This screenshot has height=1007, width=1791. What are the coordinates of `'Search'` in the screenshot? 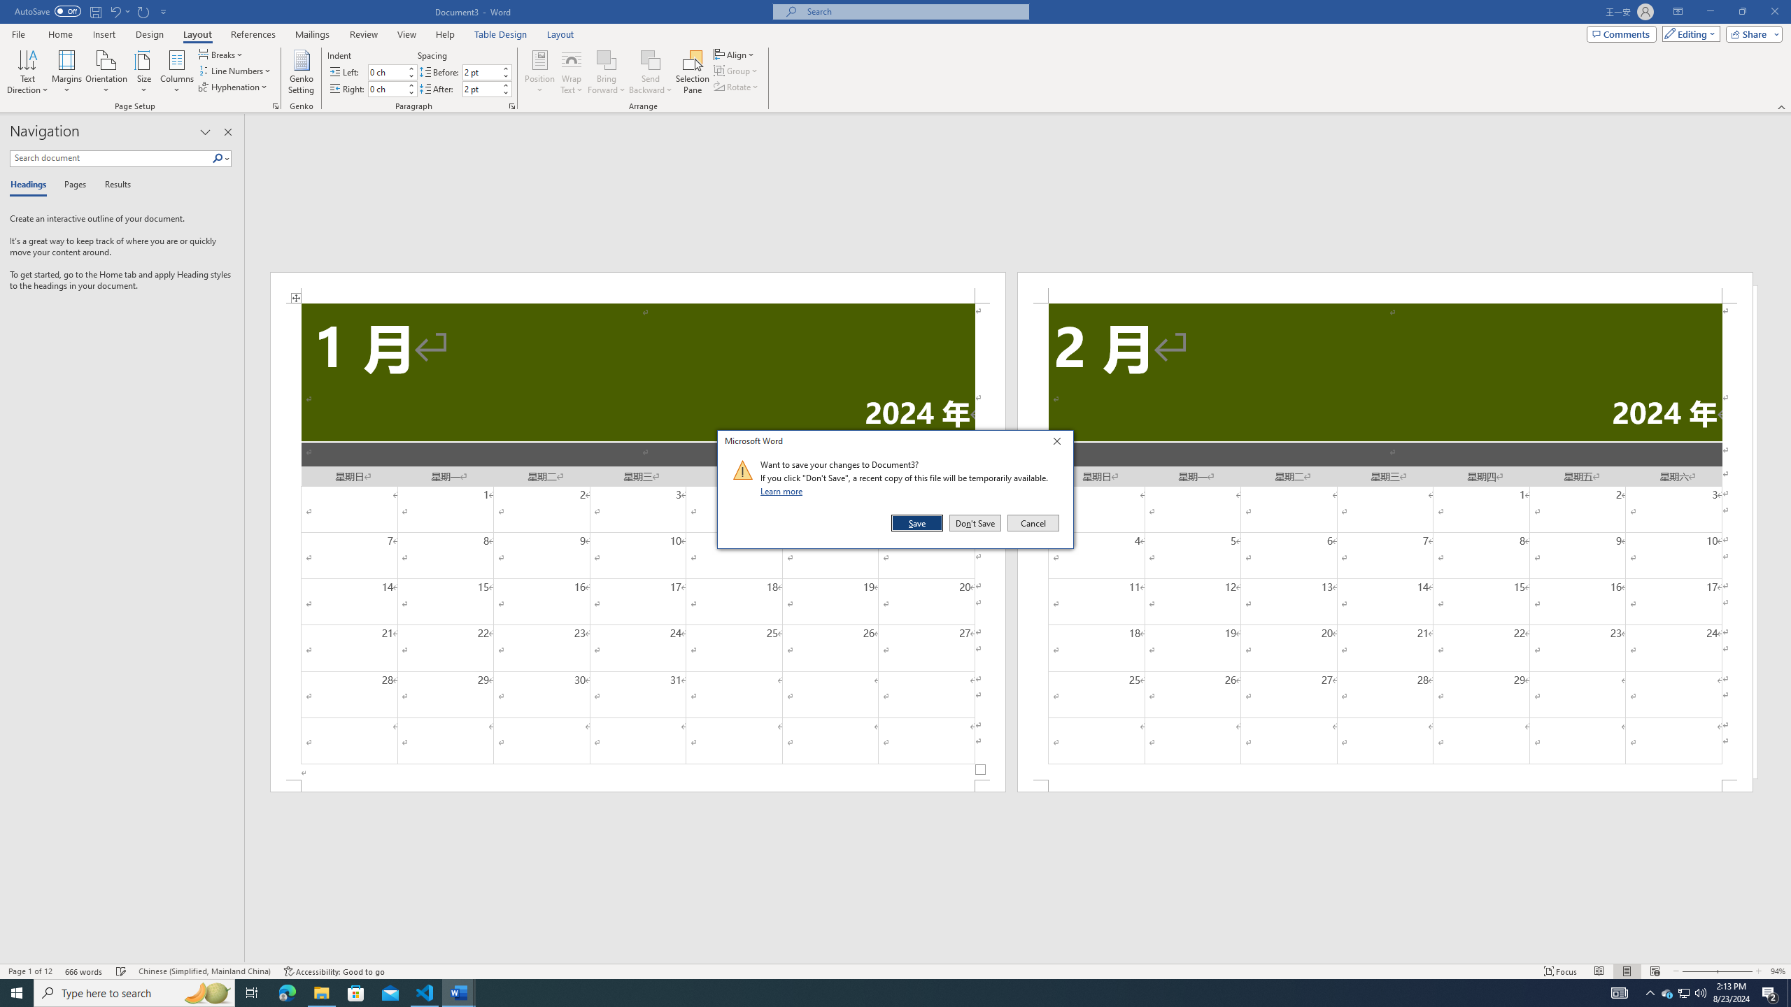 It's located at (218, 157).